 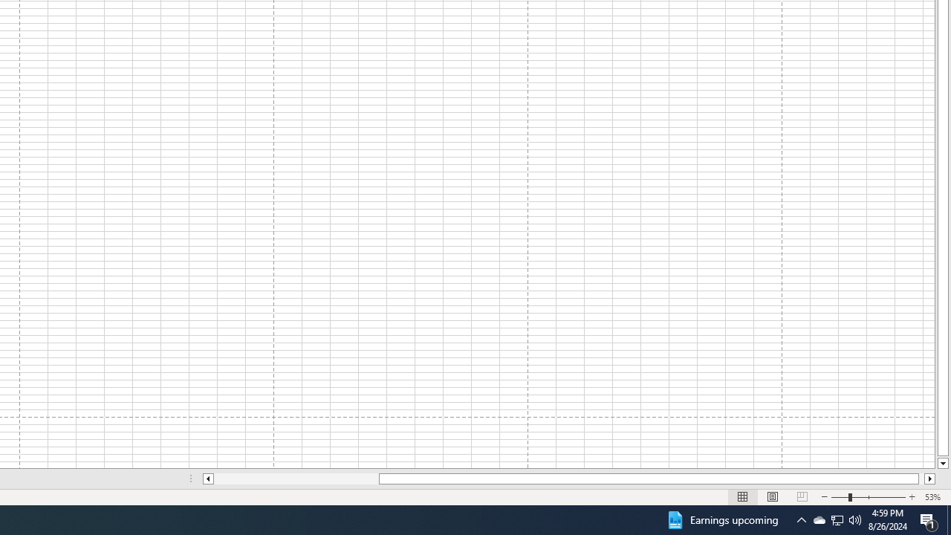 What do you see at coordinates (296, 479) in the screenshot?
I see `'Page left'` at bounding box center [296, 479].